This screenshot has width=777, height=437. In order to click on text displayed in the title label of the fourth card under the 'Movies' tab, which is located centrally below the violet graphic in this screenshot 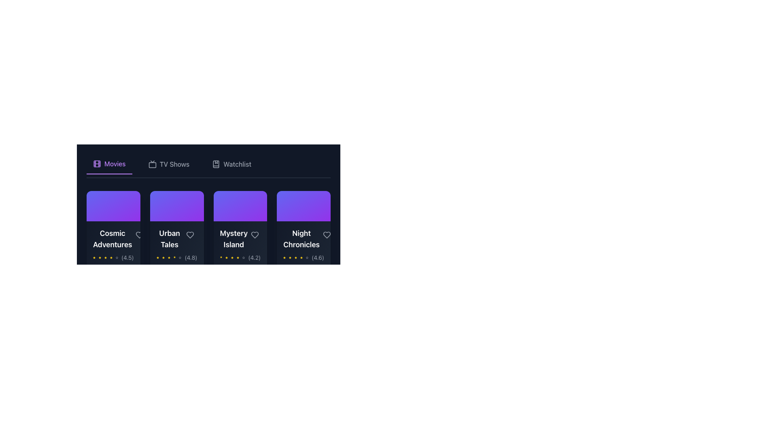, I will do `click(301, 238)`.